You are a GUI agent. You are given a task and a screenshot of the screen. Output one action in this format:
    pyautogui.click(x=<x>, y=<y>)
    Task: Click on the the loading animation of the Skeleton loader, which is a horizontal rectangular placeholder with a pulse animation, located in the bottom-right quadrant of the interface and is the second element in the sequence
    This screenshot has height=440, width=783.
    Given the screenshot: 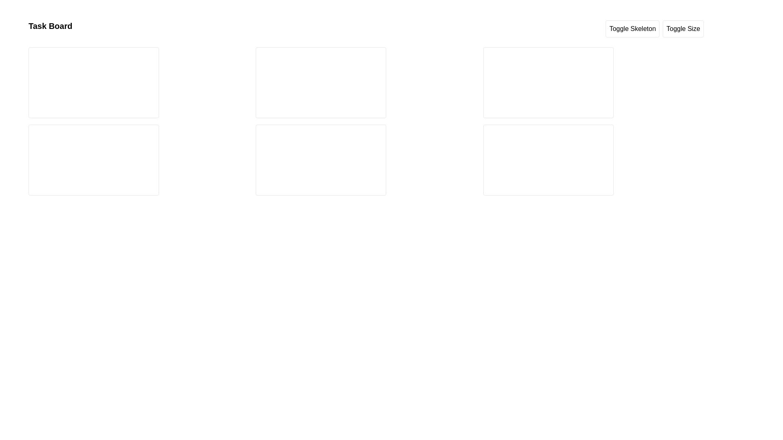 What is the action you would take?
    pyautogui.click(x=558, y=139)
    